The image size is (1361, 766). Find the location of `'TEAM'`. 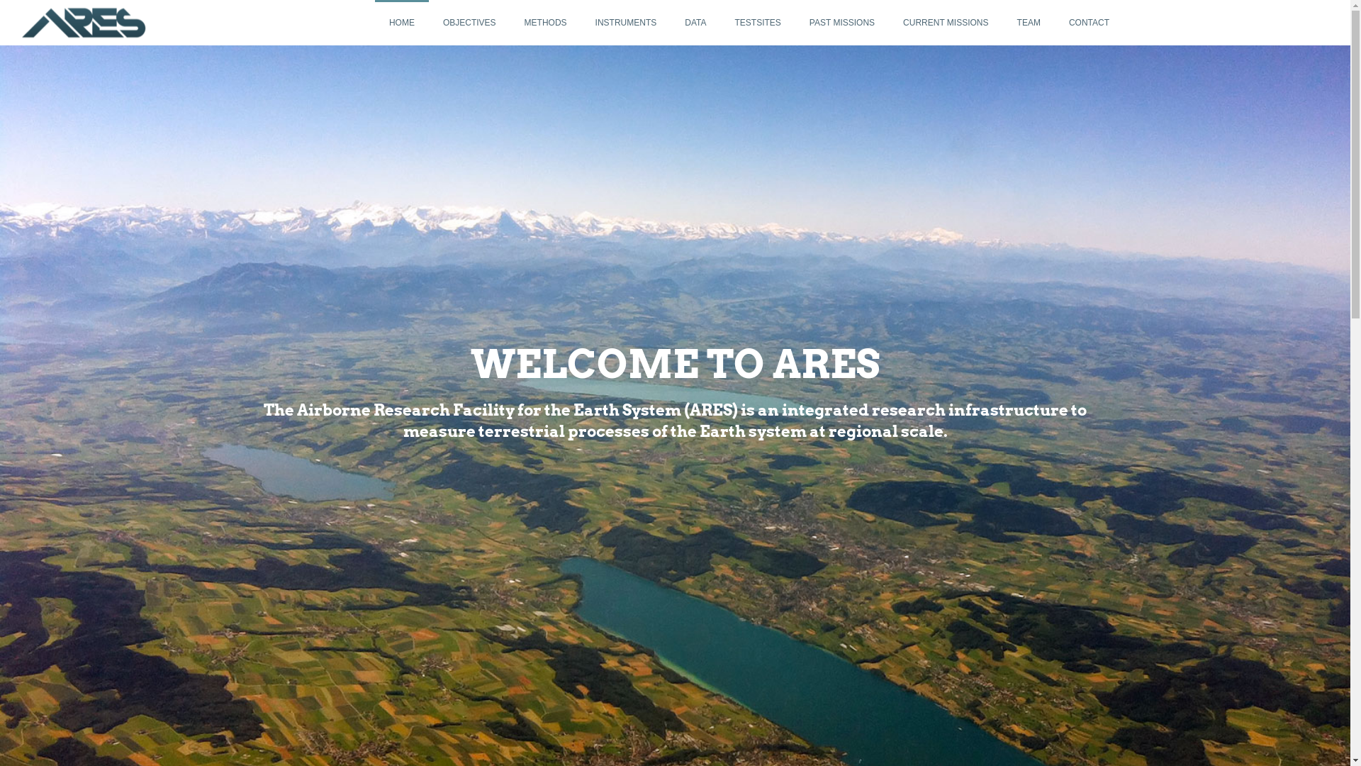

'TEAM' is located at coordinates (1029, 22).